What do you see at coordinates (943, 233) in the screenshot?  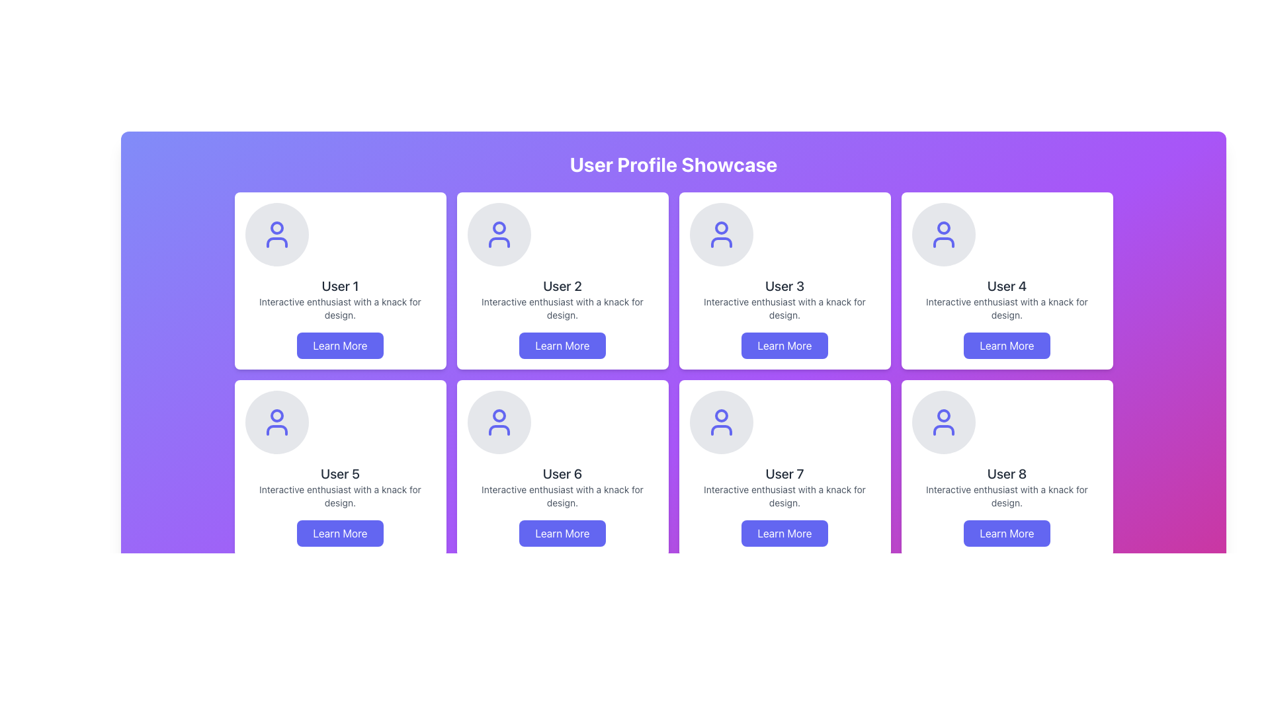 I see `the user avatar representing 'User 4' located at the top center of the fourth card in the second row of an eight-card layout` at bounding box center [943, 233].